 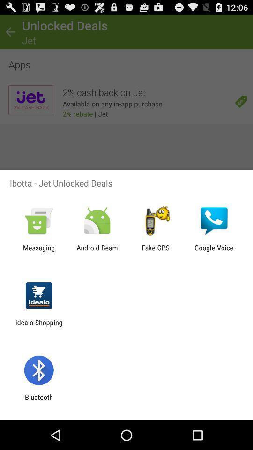 What do you see at coordinates (38, 326) in the screenshot?
I see `the idealo shopping` at bounding box center [38, 326].